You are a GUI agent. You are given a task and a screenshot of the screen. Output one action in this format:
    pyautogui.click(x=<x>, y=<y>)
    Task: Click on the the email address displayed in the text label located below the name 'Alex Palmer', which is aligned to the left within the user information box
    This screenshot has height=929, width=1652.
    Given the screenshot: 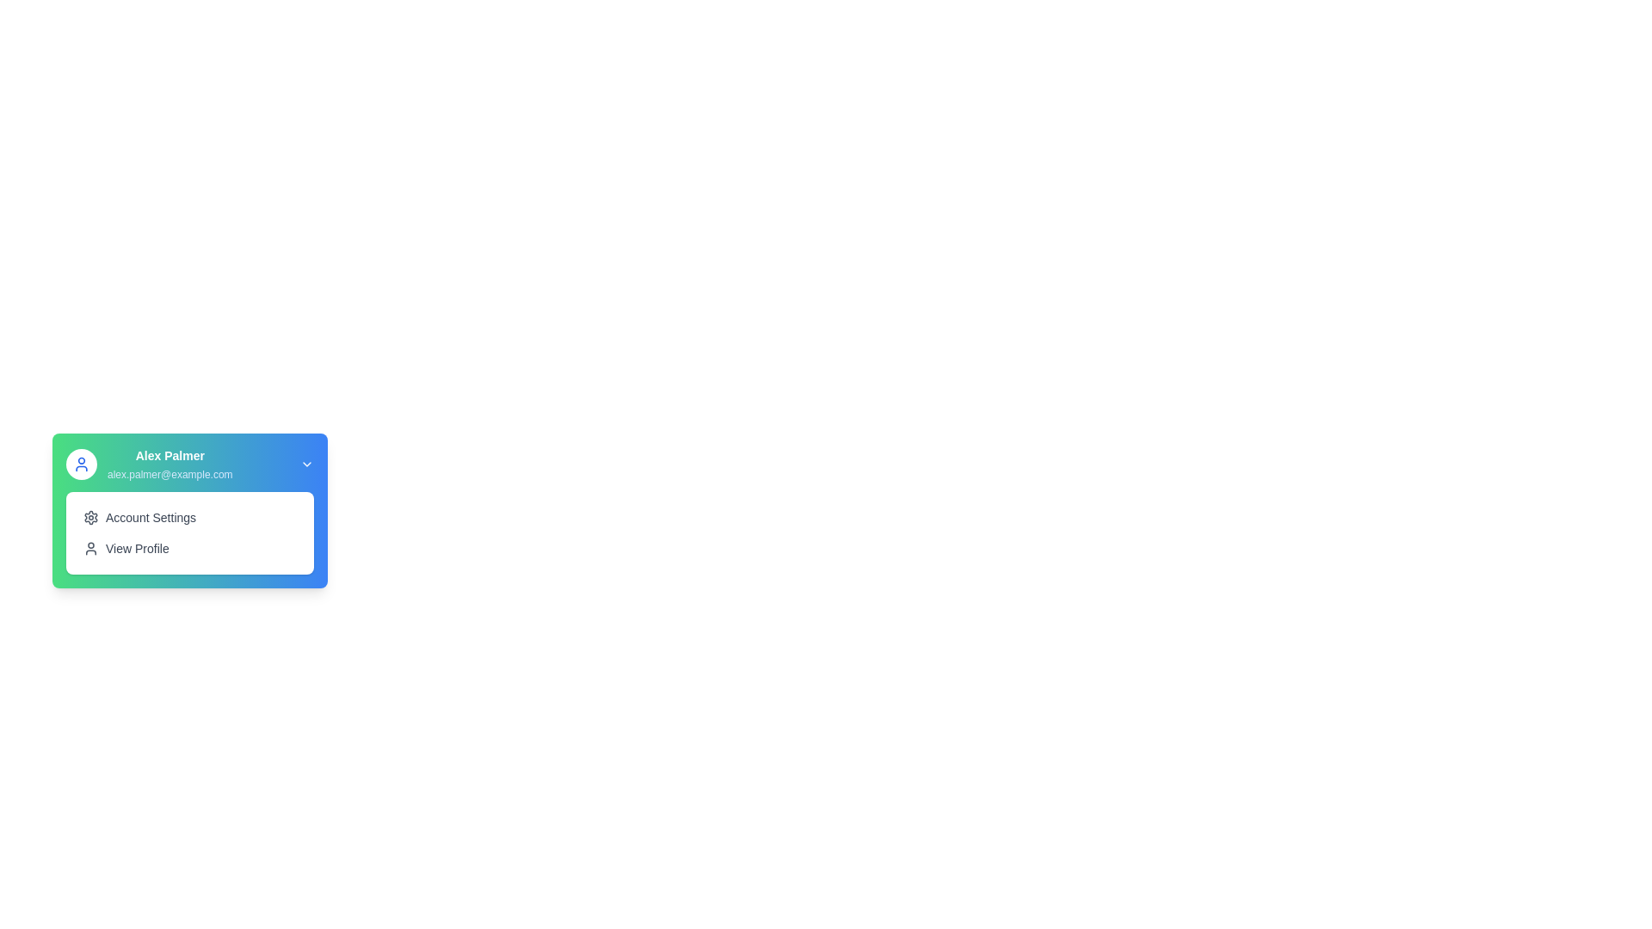 What is the action you would take?
    pyautogui.click(x=170, y=474)
    